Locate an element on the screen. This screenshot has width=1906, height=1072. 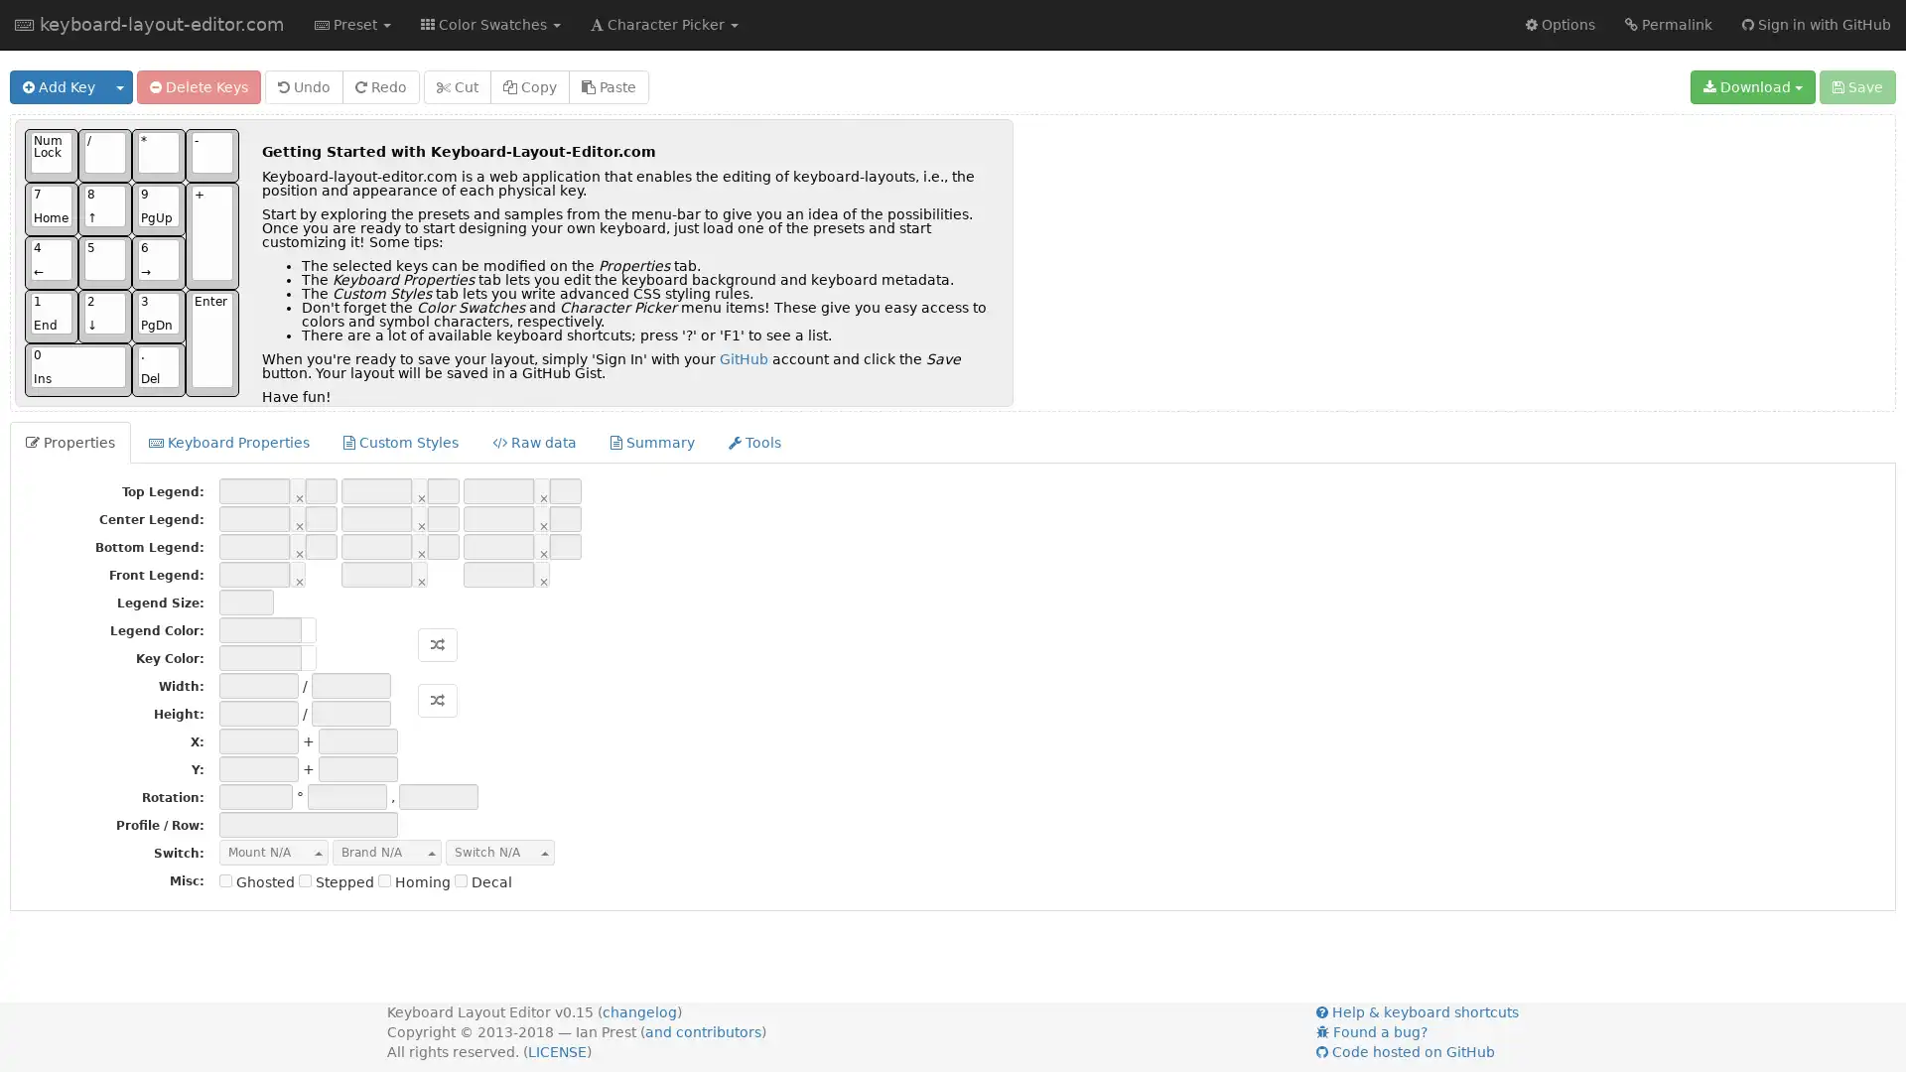
Paste is located at coordinates (608, 86).